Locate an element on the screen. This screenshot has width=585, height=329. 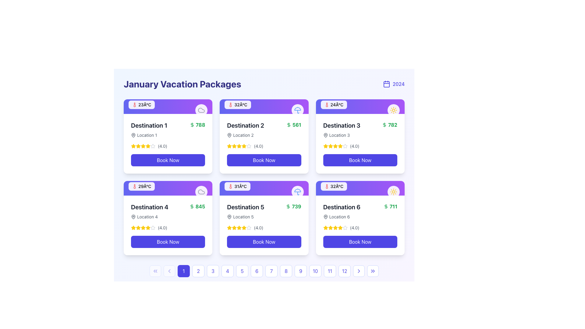
the first star icon in the rating system for 'Destination 1', which has a yellow fill and sharp outline, located near the rating '(4.0)' is located at coordinates (133, 146).